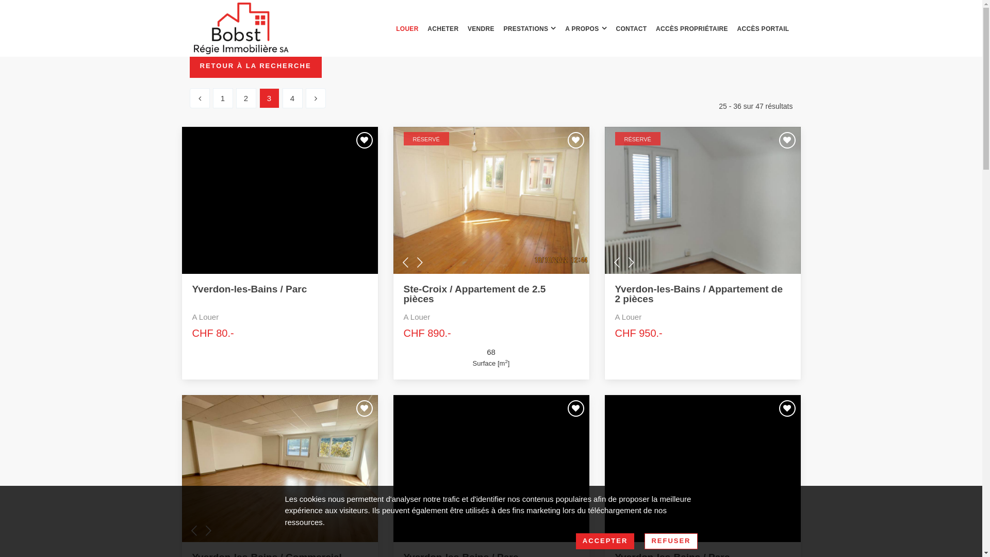 The width and height of the screenshot is (990, 557). Describe the element at coordinates (245, 98) in the screenshot. I see `'2'` at that location.